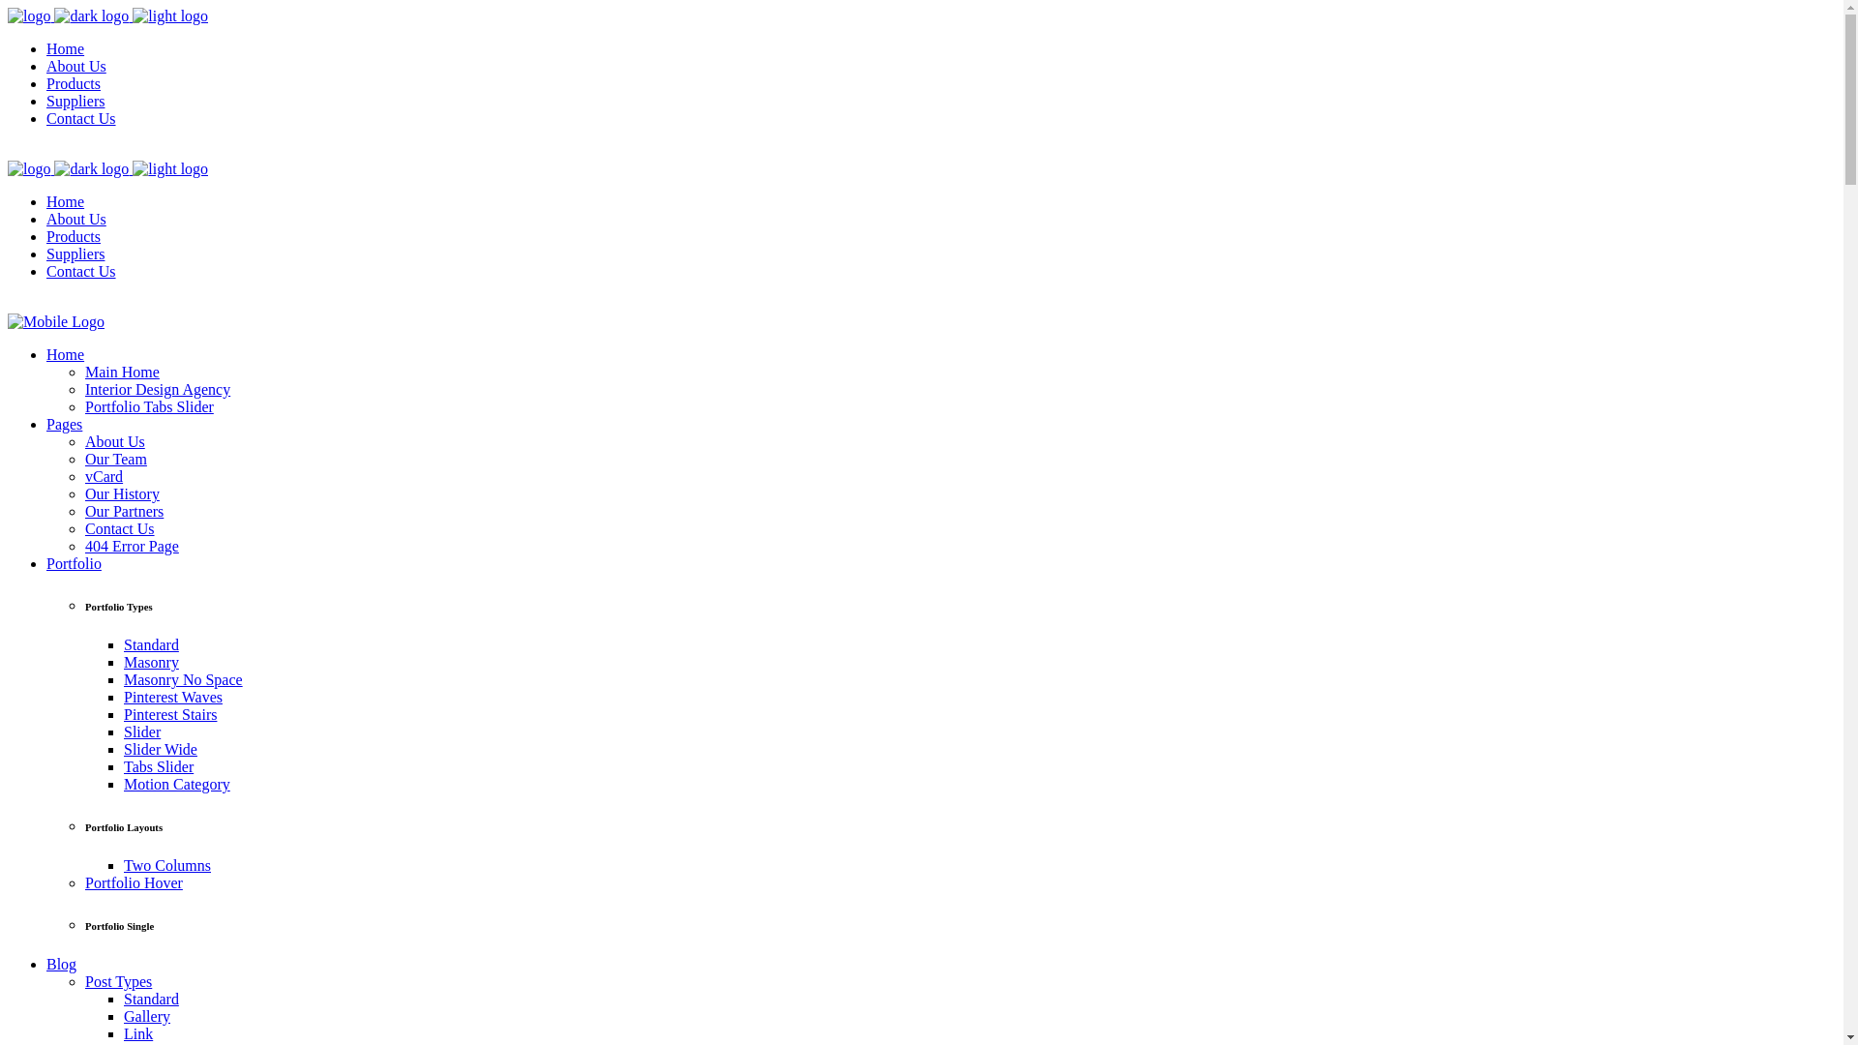 The width and height of the screenshot is (1858, 1045). What do you see at coordinates (75, 101) in the screenshot?
I see `'Suppliers'` at bounding box center [75, 101].